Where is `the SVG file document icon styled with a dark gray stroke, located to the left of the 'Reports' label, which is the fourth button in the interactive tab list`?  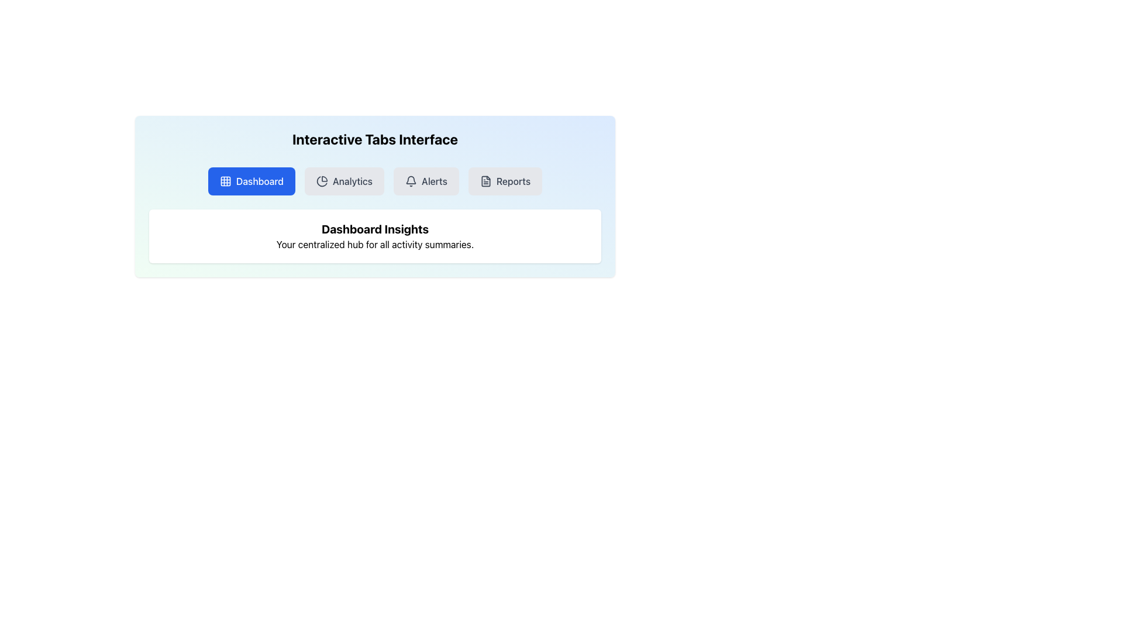
the SVG file document icon styled with a dark gray stroke, located to the left of the 'Reports' label, which is the fourth button in the interactive tab list is located at coordinates (485, 181).